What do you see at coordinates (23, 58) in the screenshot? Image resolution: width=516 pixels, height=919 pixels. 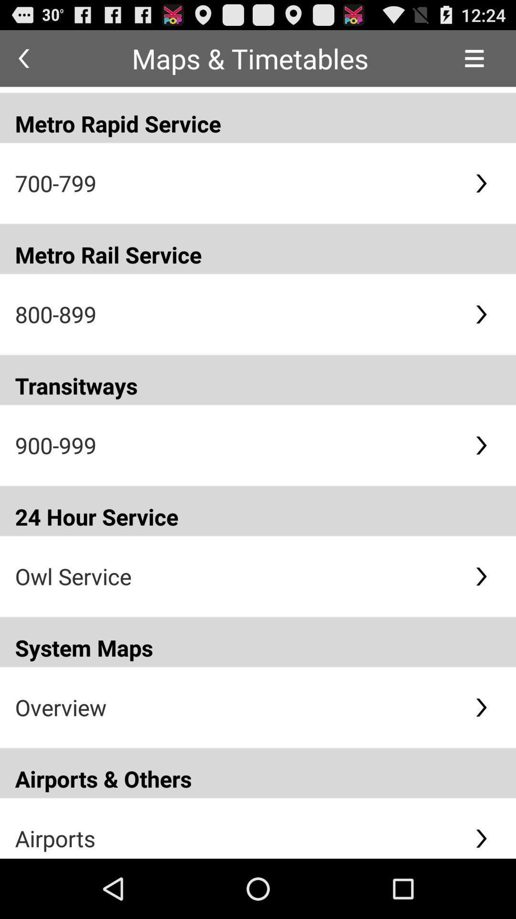 I see `item to the left of the maps & timetables` at bounding box center [23, 58].